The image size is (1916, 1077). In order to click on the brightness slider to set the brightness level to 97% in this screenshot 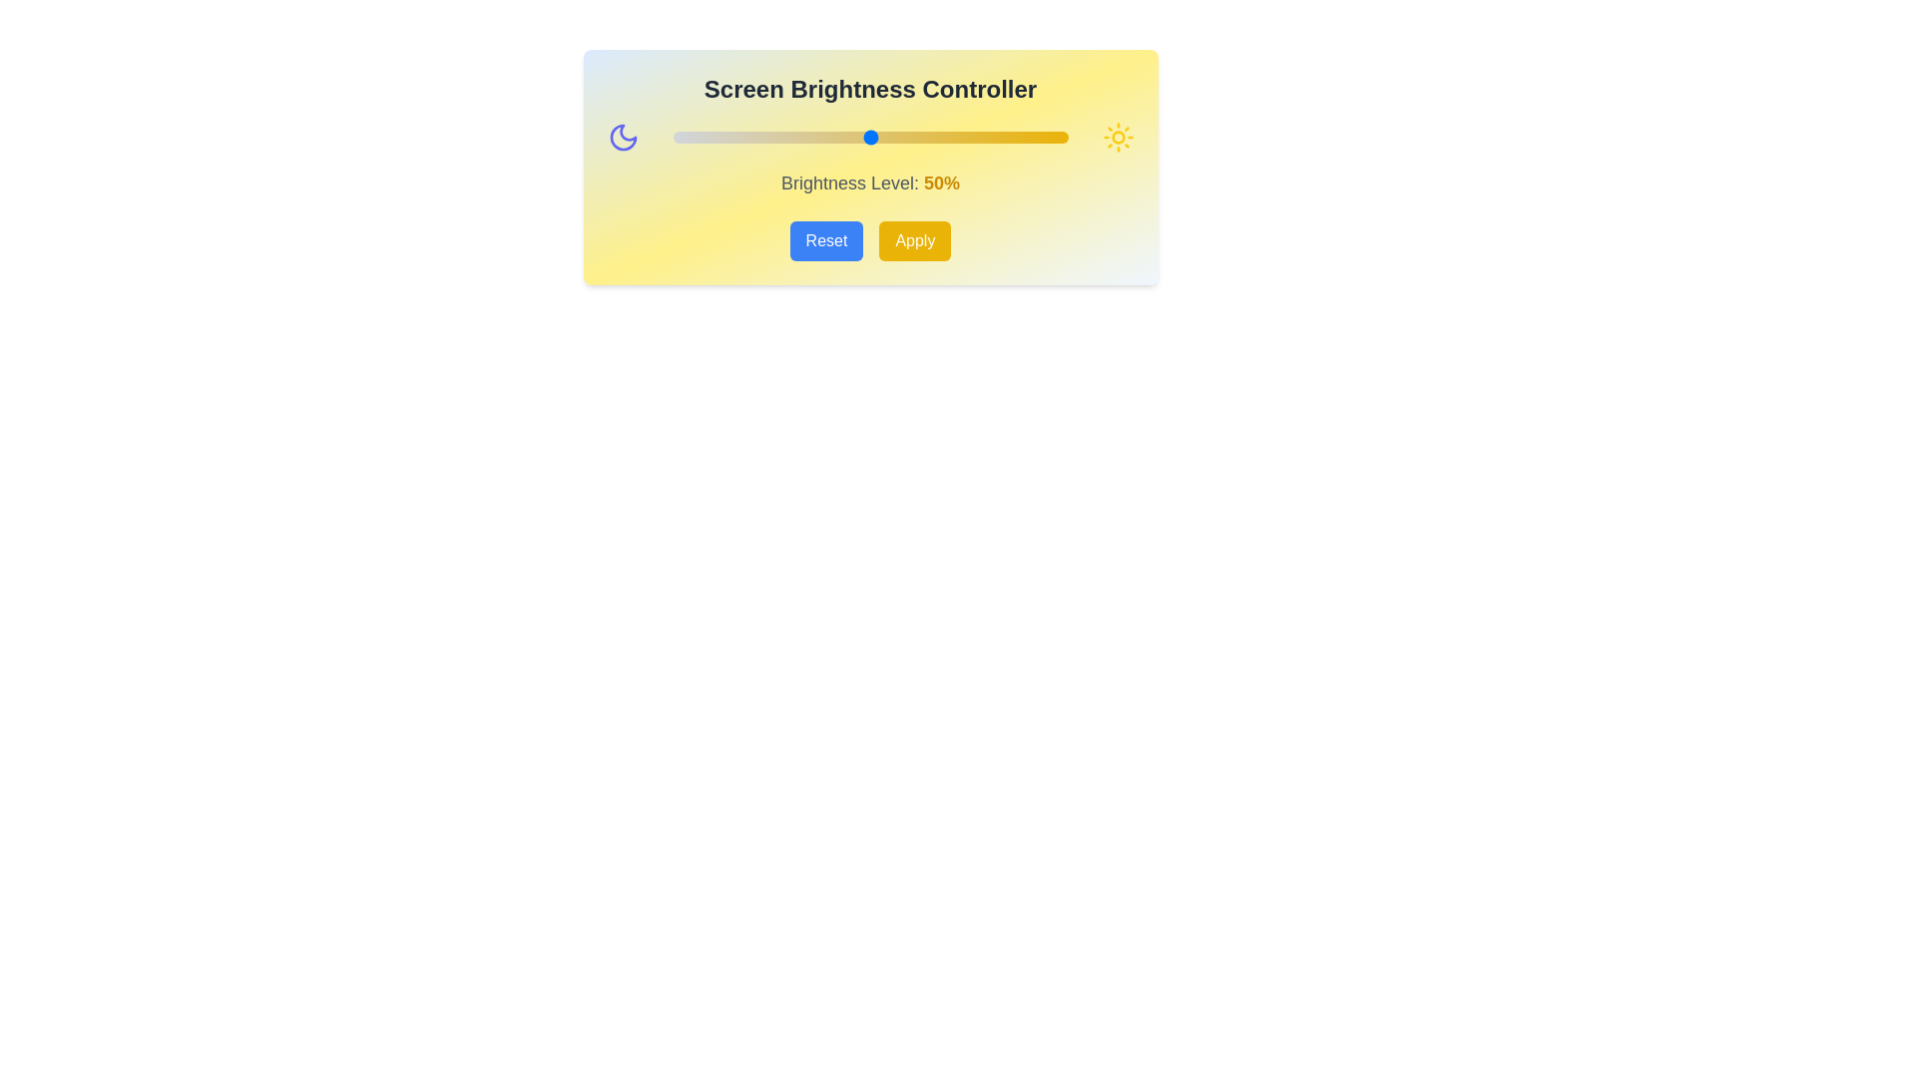, I will do `click(1055, 137)`.